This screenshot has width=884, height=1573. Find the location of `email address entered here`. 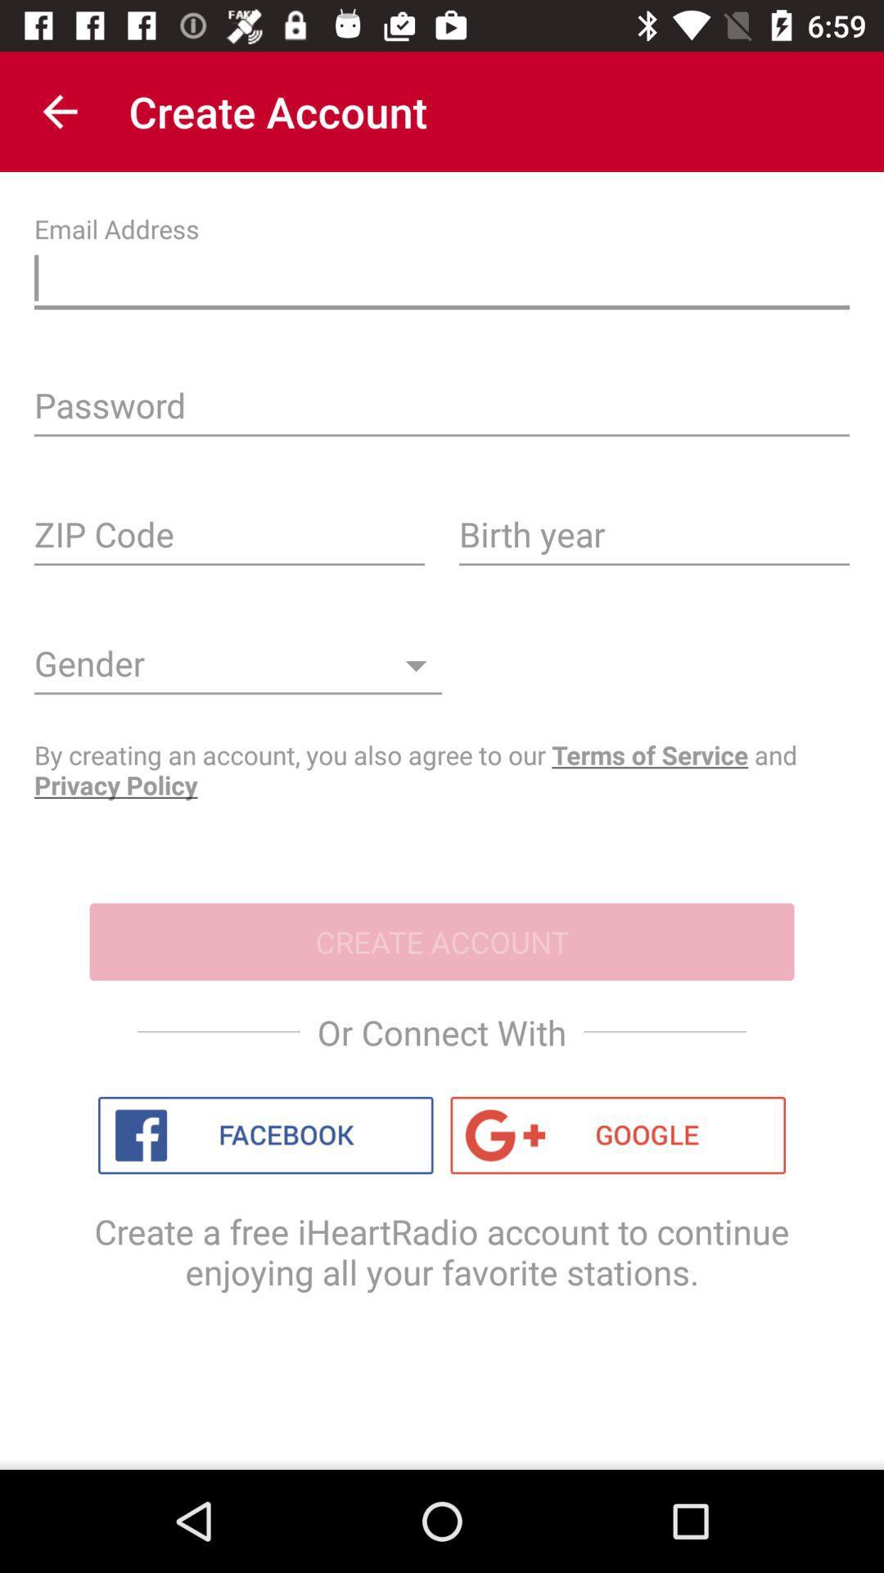

email address entered here is located at coordinates (442, 282).